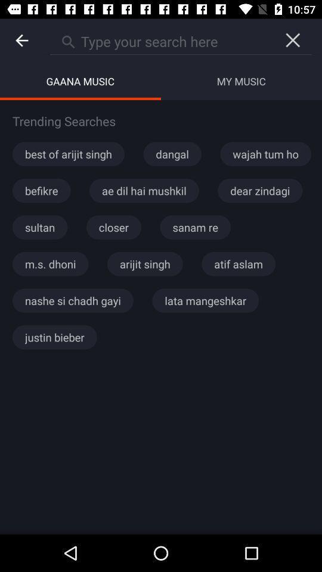 Image resolution: width=322 pixels, height=572 pixels. Describe the element at coordinates (265, 154) in the screenshot. I see `the text which is present to the right of dangal` at that location.